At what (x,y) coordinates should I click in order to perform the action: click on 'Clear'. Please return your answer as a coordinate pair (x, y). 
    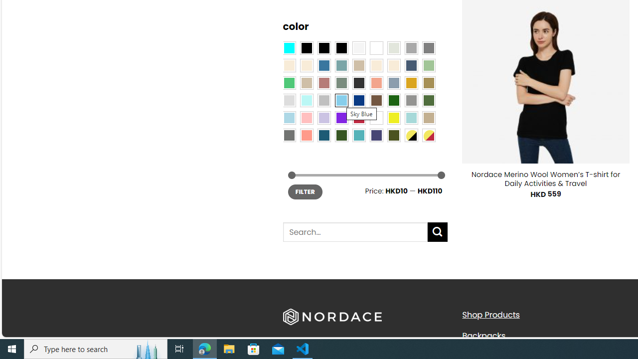
    Looking at the image, I should click on (376, 47).